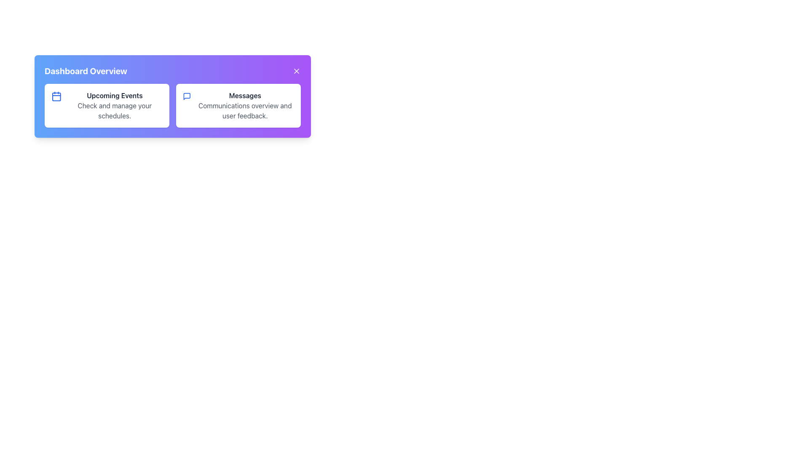 This screenshot has height=455, width=809. I want to click on the 'Messages' icon located on the right side of the two-column card in the dashboard overview pane, so click(186, 96).